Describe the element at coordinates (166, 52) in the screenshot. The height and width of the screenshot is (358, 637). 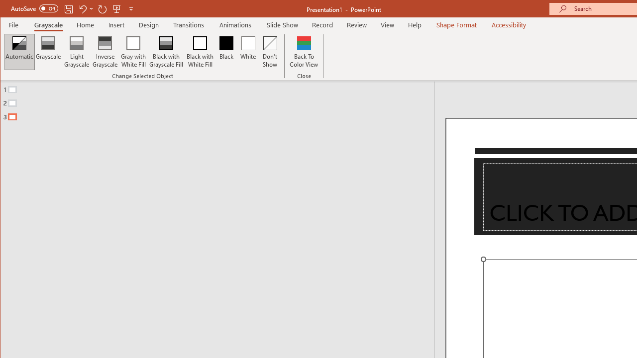
I see `'Black with Grayscale Fill'` at that location.